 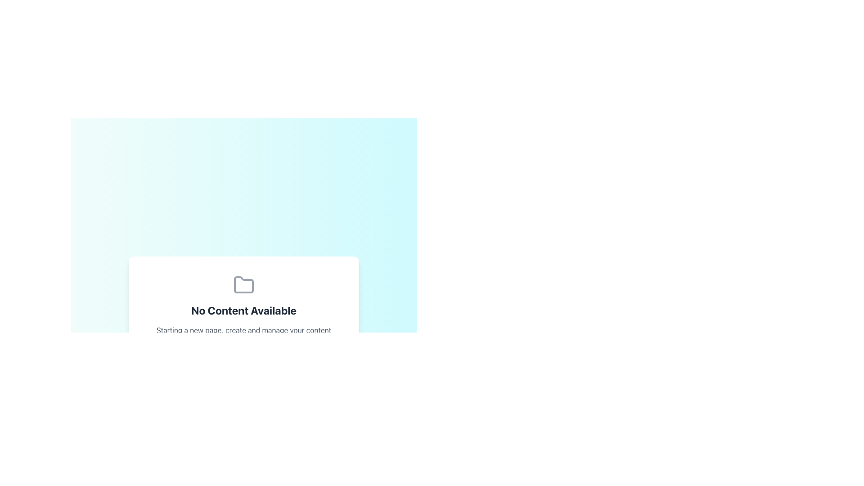 What do you see at coordinates (244, 335) in the screenshot?
I see `the static text element that reads 'Starting a new page, create and manage your content effectively.' which is located below the bold headline 'No Content Available.'` at bounding box center [244, 335].